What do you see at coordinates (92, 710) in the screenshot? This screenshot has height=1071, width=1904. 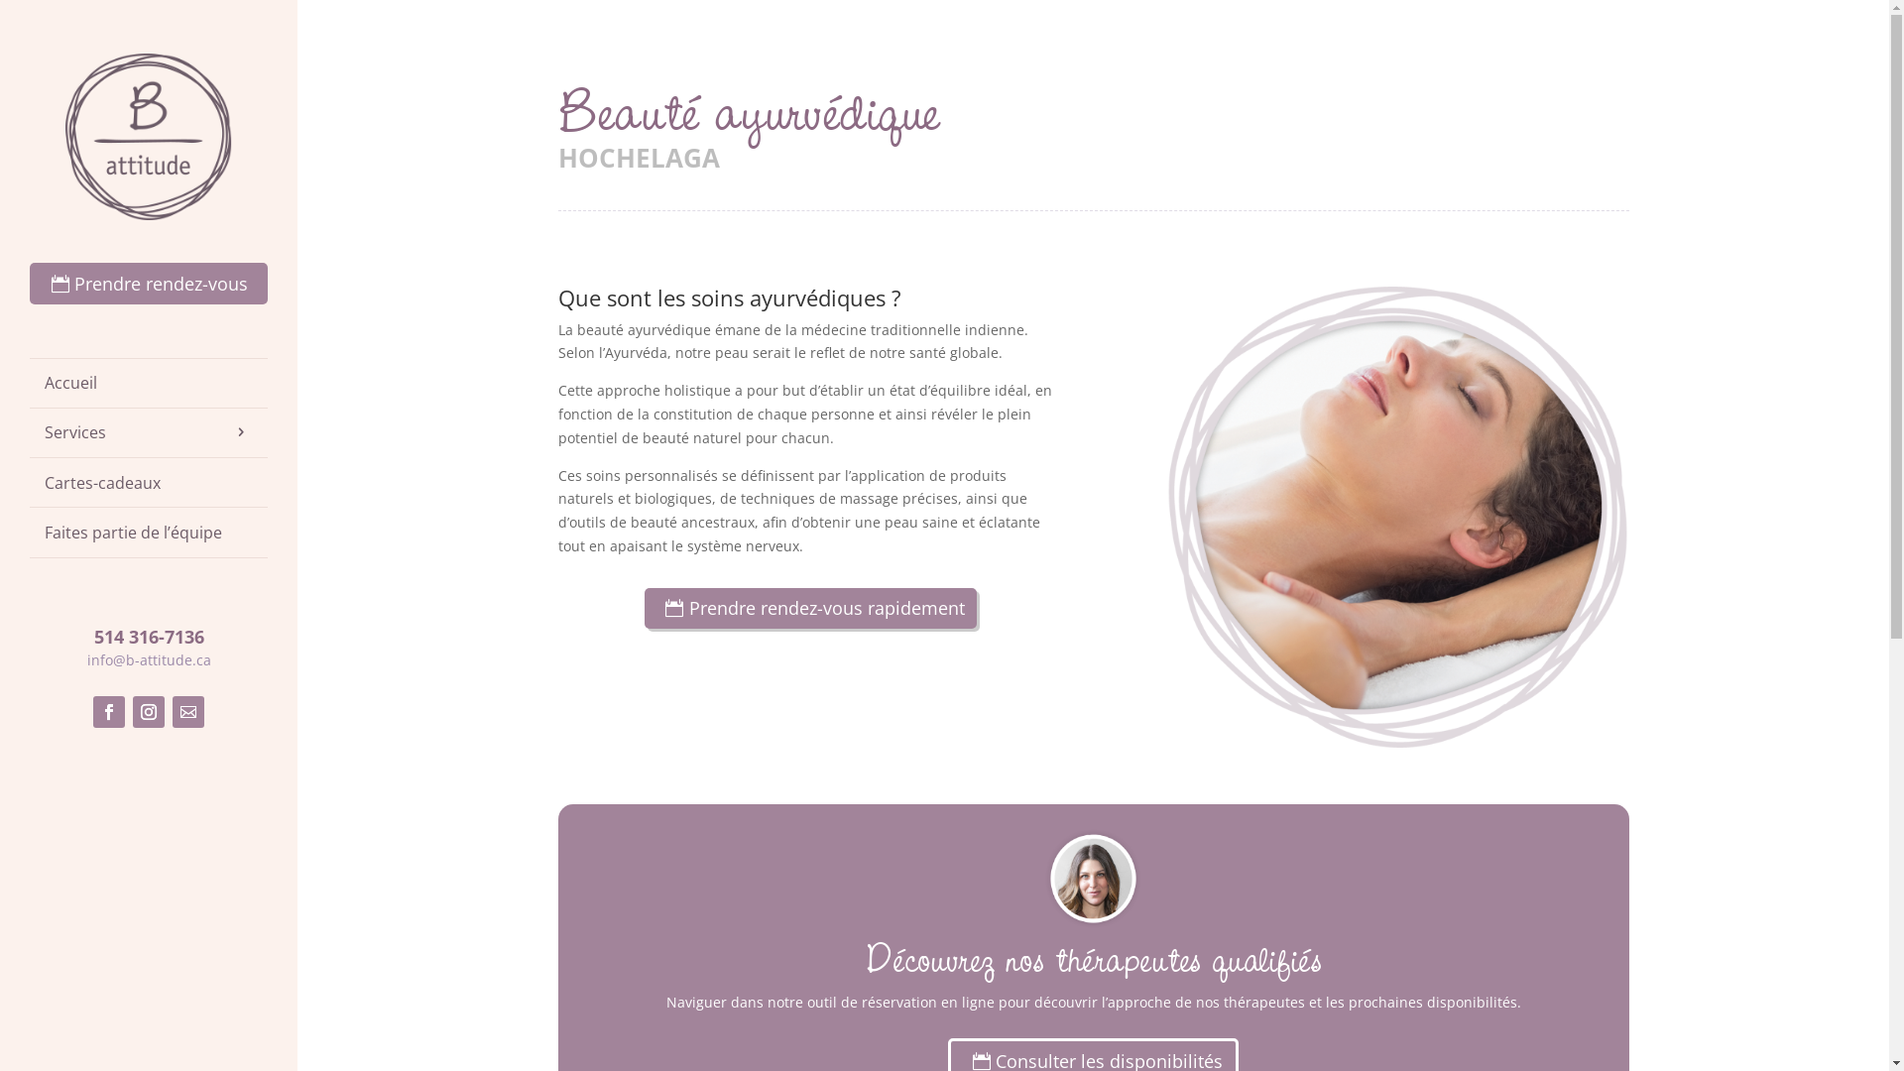 I see `'Suivez sur Facebook'` at bounding box center [92, 710].